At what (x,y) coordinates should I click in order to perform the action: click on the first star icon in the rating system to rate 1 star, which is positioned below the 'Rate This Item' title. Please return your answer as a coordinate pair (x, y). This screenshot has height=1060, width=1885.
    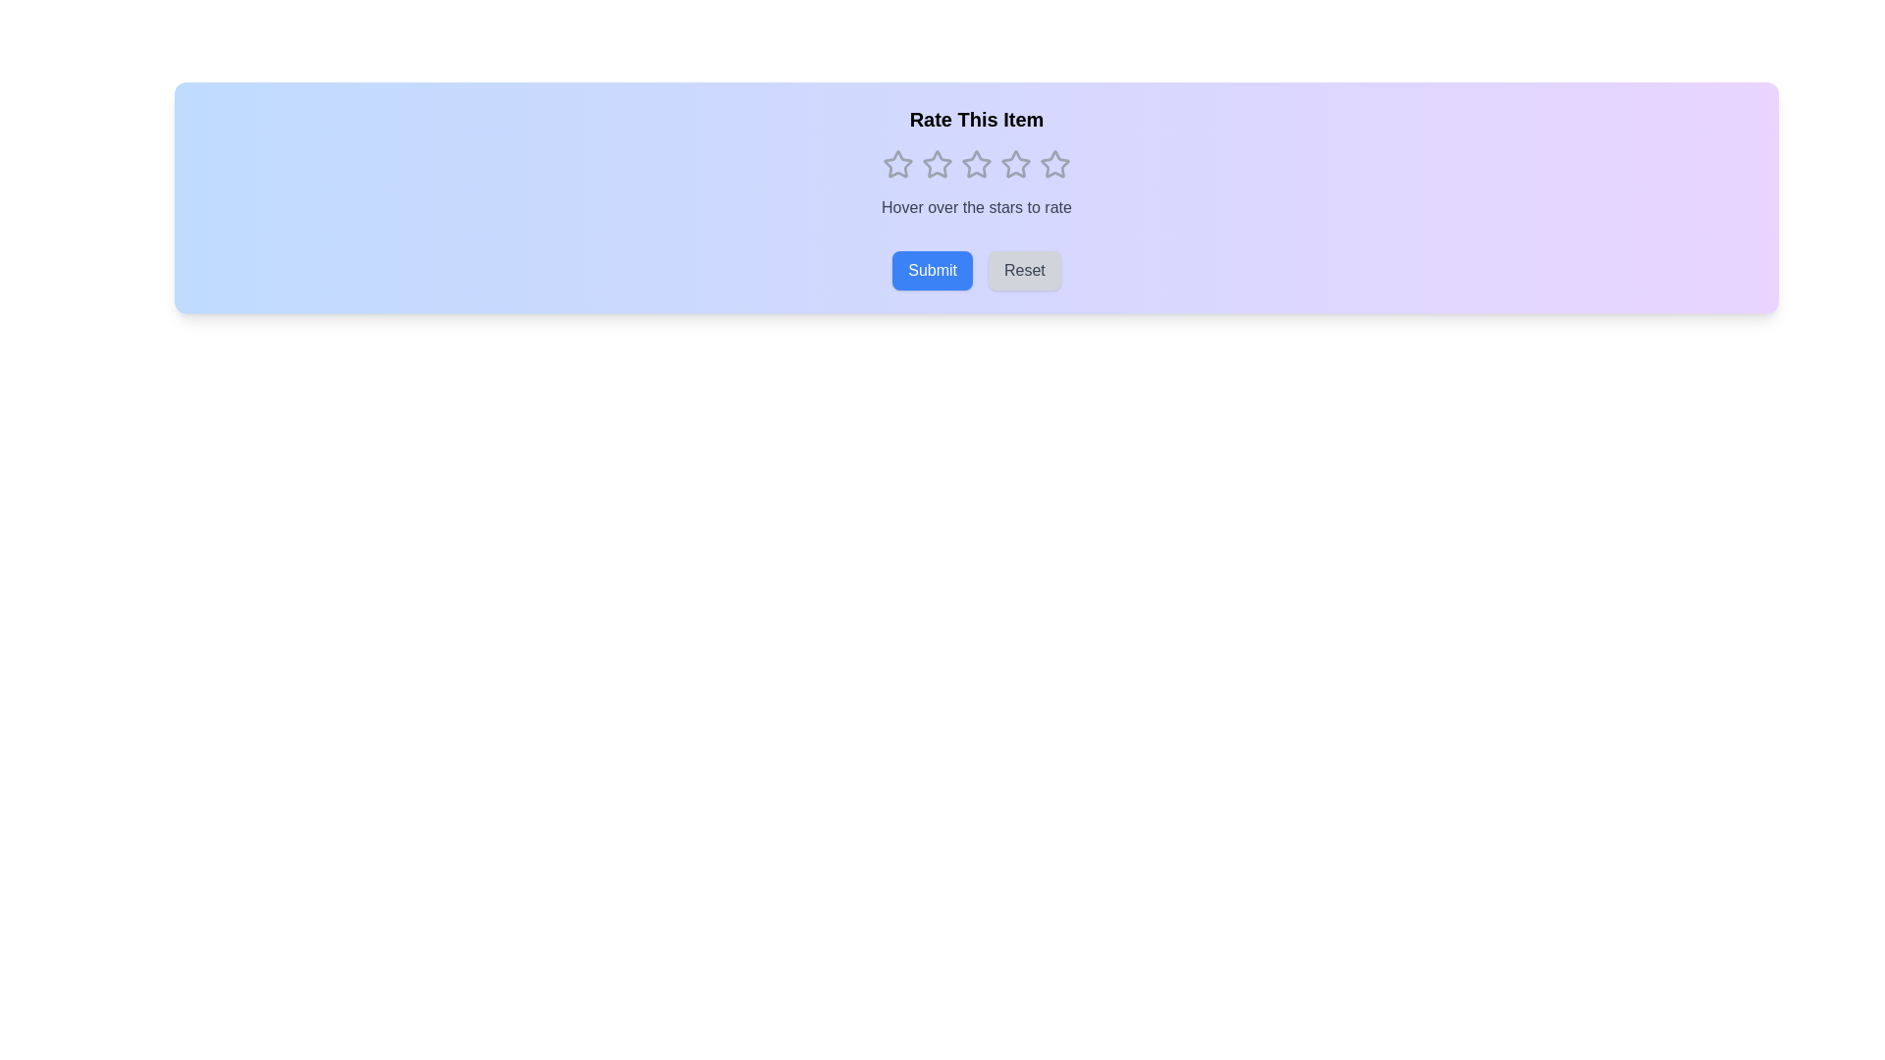
    Looking at the image, I should click on (897, 164).